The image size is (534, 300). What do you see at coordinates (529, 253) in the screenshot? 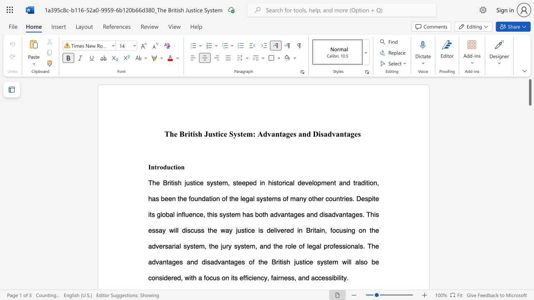
I see `the vertical scrollbar to lower the page content` at bounding box center [529, 253].